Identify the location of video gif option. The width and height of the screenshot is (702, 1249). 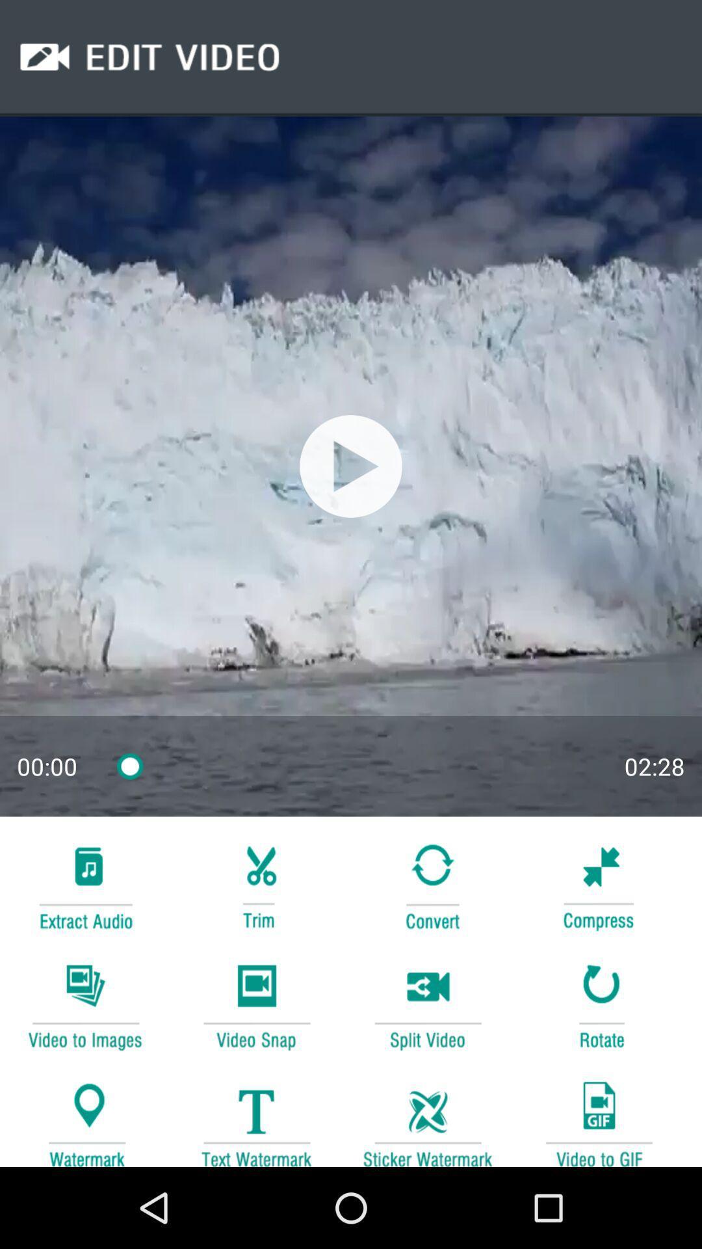
(599, 1117).